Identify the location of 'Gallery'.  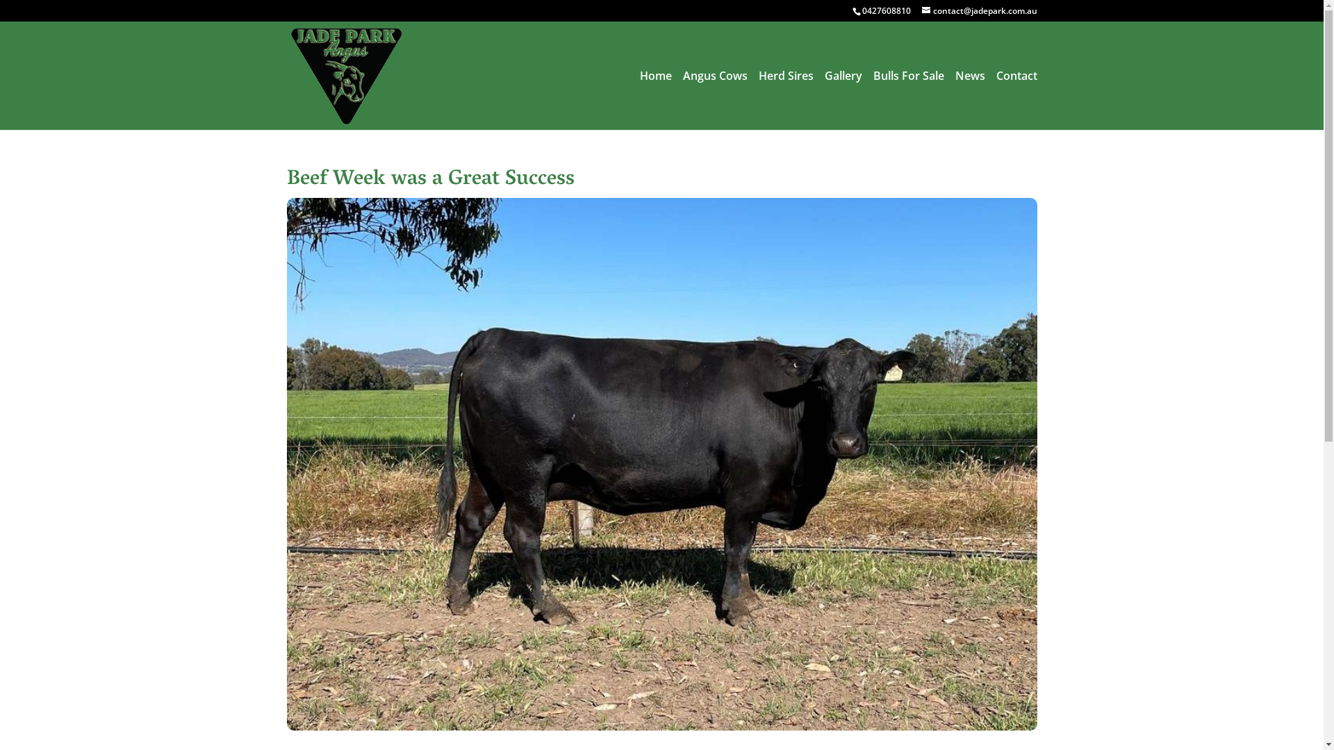
(842, 99).